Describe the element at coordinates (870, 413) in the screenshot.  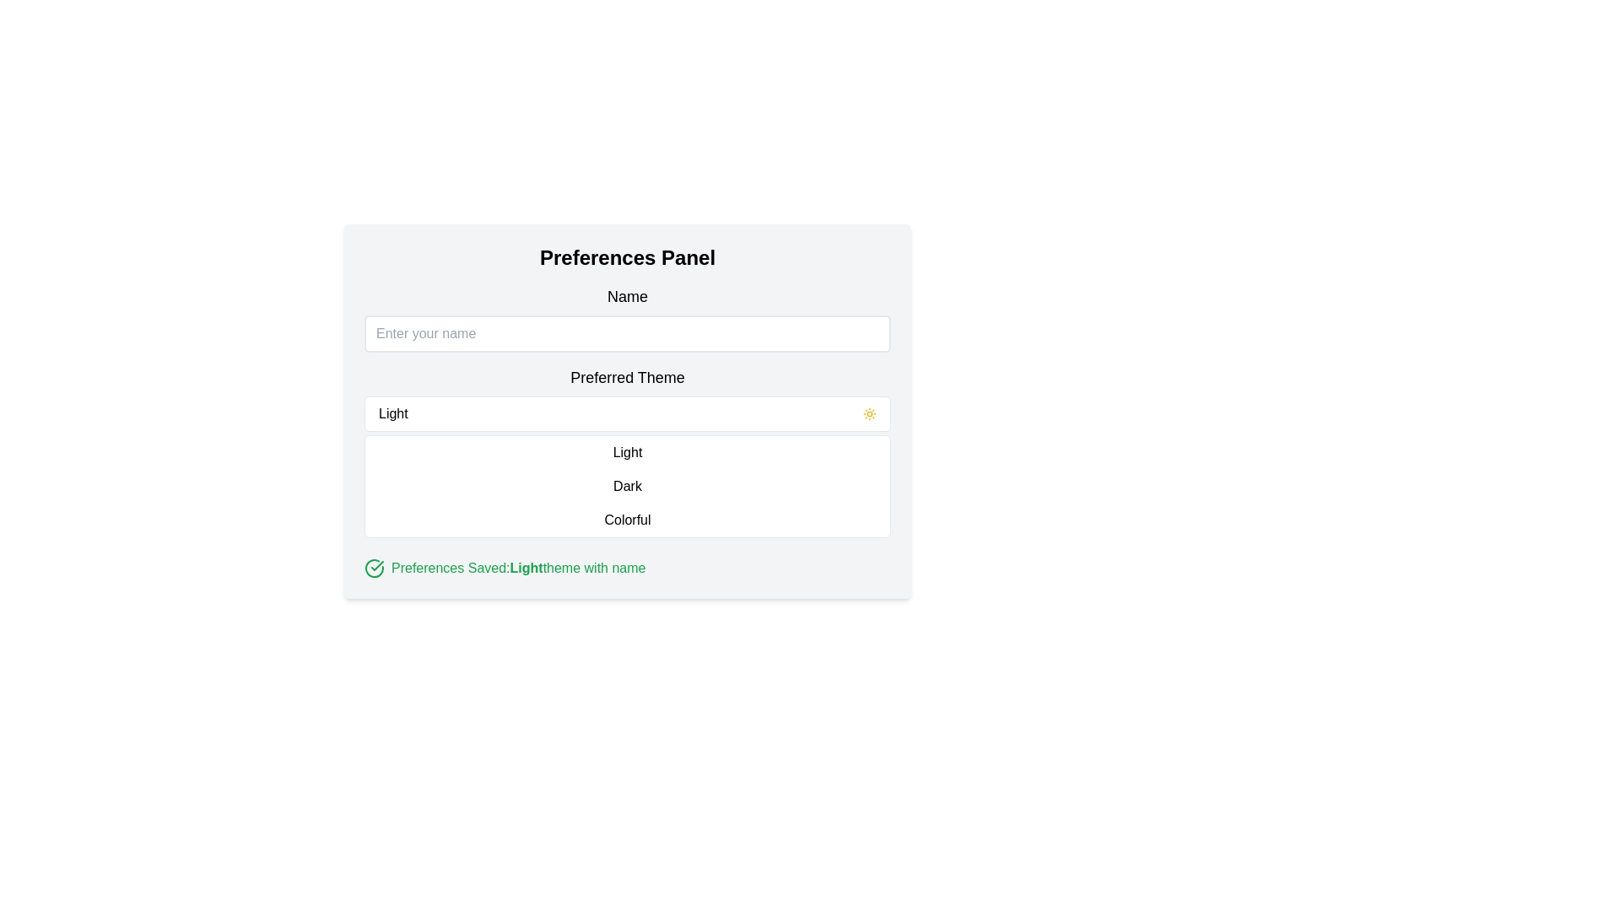
I see `the sun icon, which is yellow and located to the right within the 'Light' option of the 'Preferred Theme' section` at that location.